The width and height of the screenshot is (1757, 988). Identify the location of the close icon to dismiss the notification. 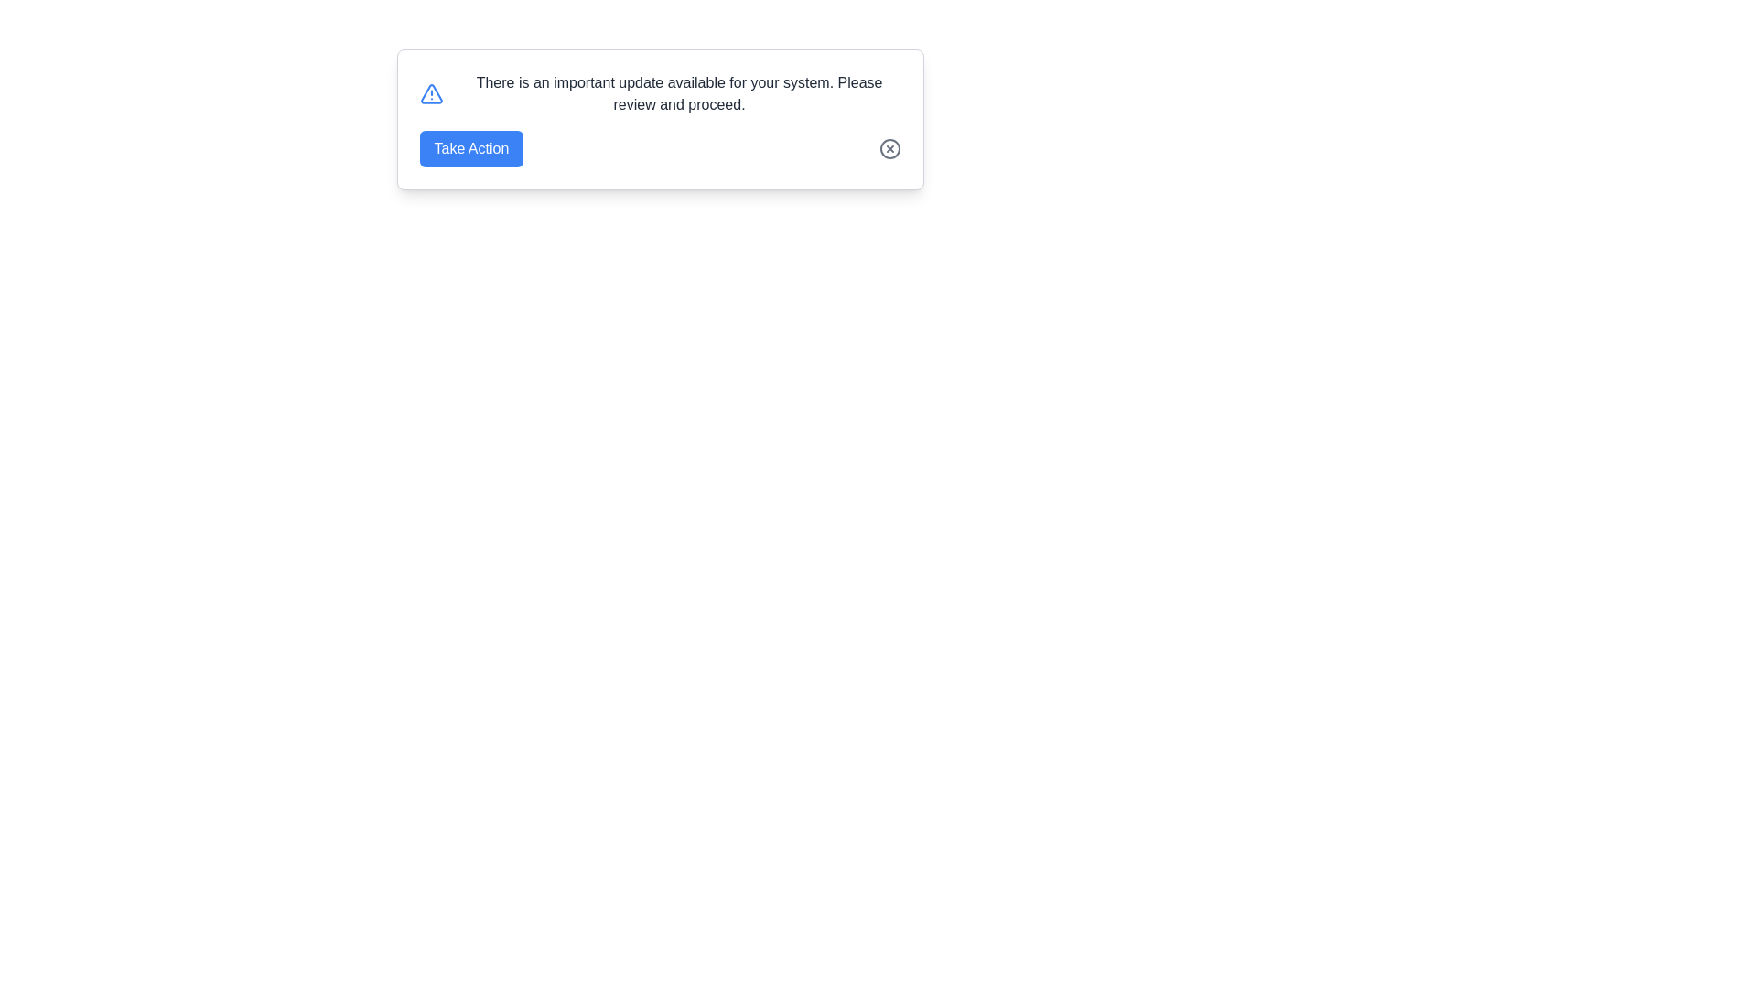
(889, 147).